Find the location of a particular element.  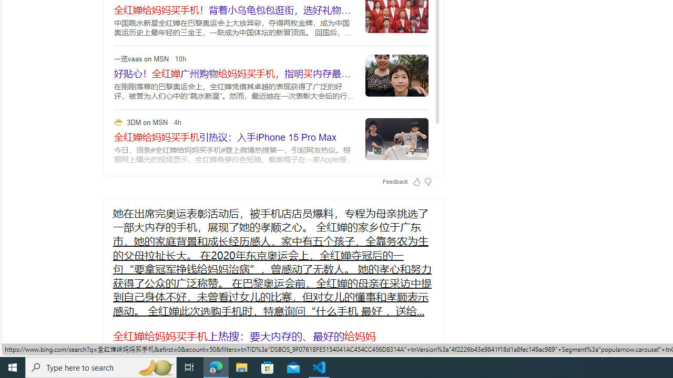

'3DM on MSN' is located at coordinates (118, 121).